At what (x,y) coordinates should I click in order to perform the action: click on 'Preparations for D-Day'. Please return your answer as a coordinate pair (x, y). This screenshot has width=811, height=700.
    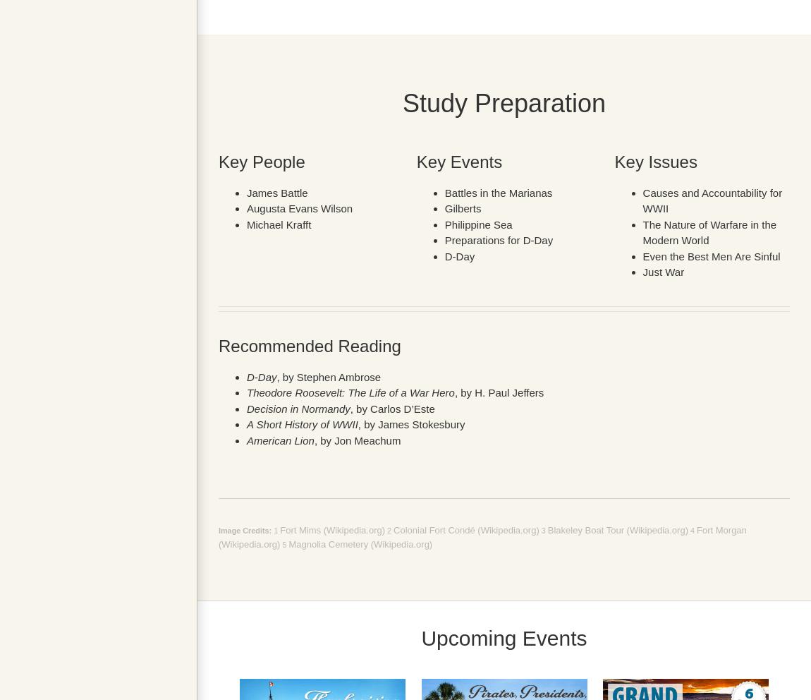
    Looking at the image, I should click on (498, 239).